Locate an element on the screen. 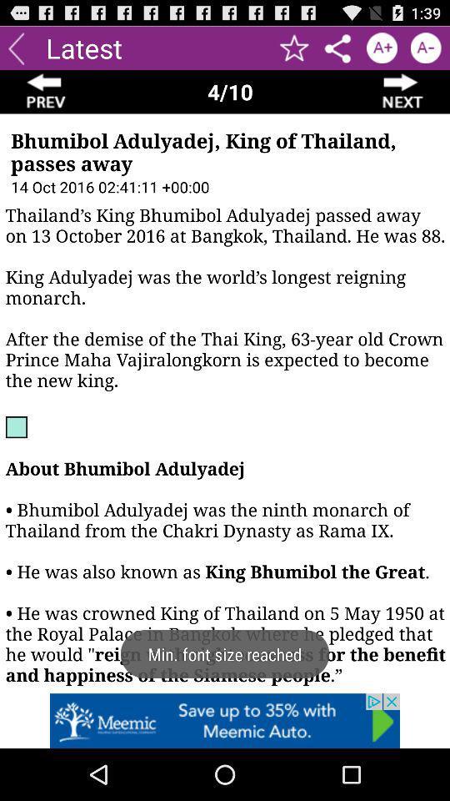 This screenshot has height=801, width=450. the font icon is located at coordinates (426, 51).